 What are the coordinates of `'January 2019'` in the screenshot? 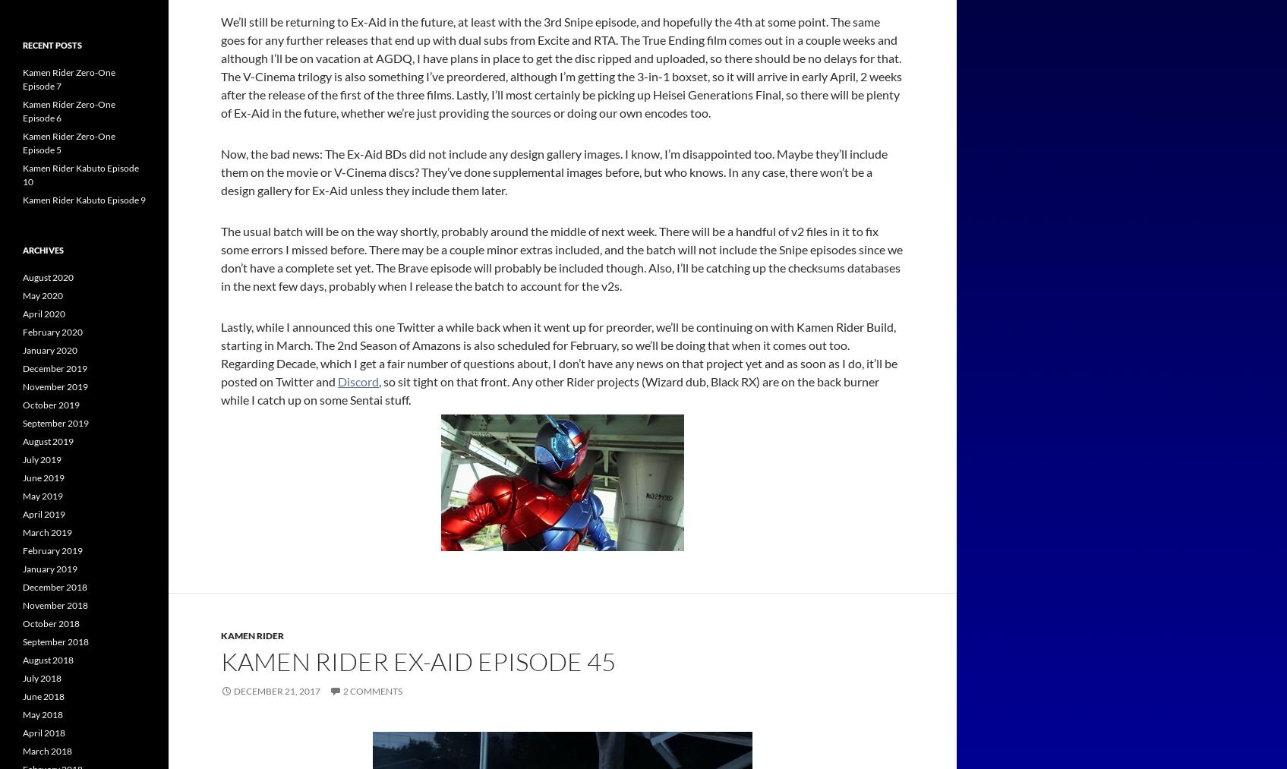 It's located at (49, 569).